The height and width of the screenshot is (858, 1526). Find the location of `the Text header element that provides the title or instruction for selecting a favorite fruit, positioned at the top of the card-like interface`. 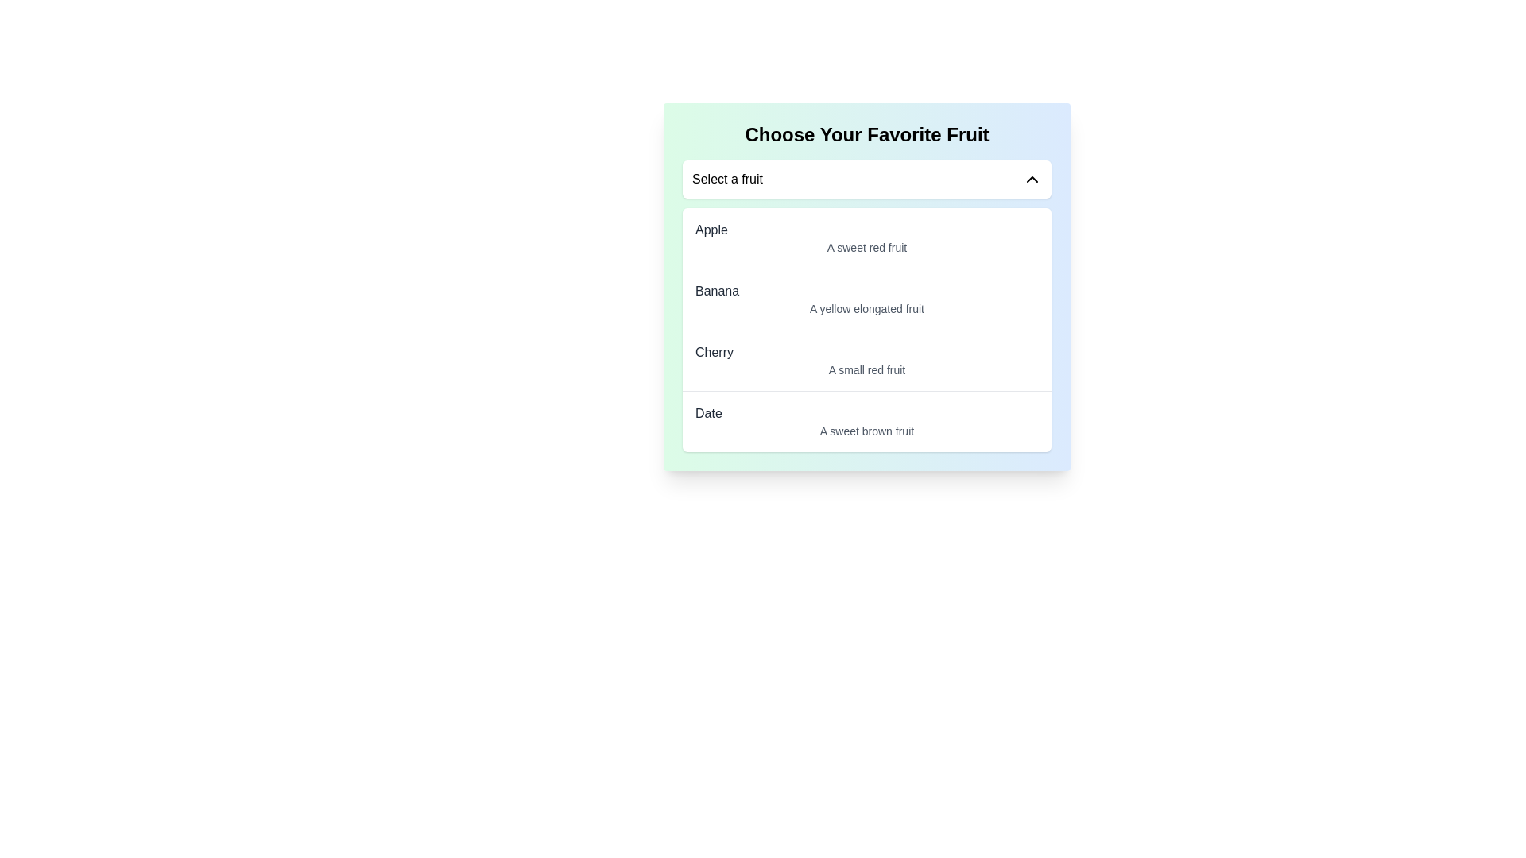

the Text header element that provides the title or instruction for selecting a favorite fruit, positioned at the top of the card-like interface is located at coordinates (866, 133).